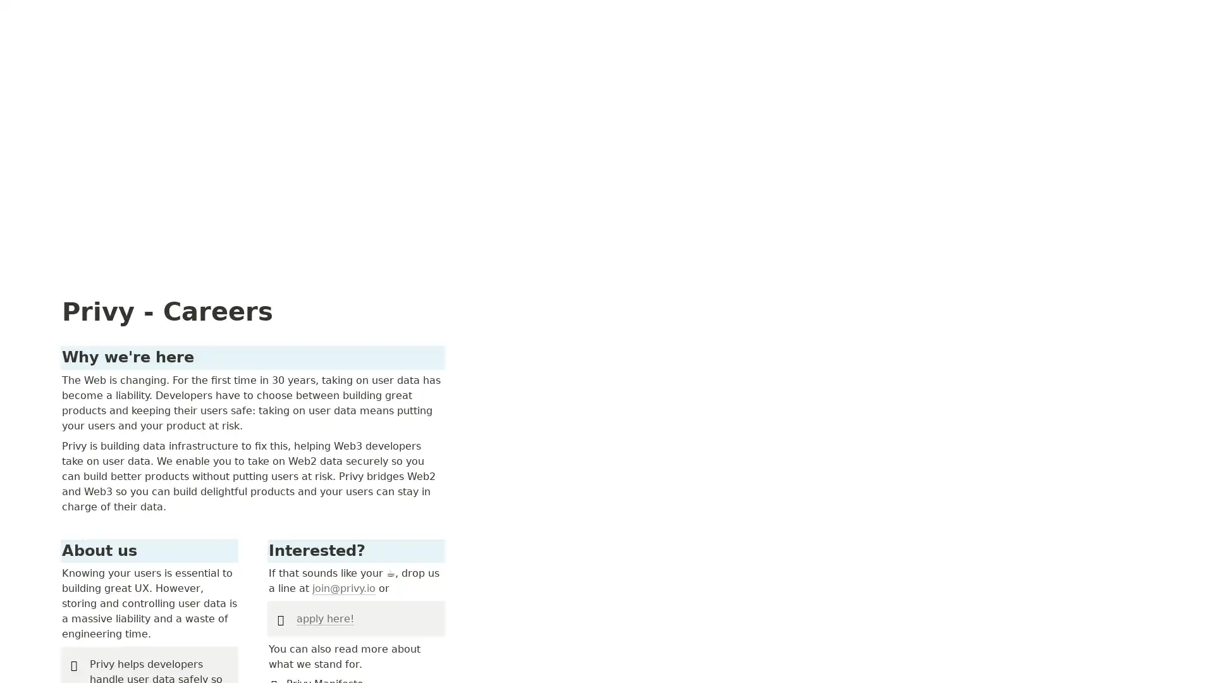 The image size is (1214, 683). I want to click on Privy - Careers, so click(51, 14).